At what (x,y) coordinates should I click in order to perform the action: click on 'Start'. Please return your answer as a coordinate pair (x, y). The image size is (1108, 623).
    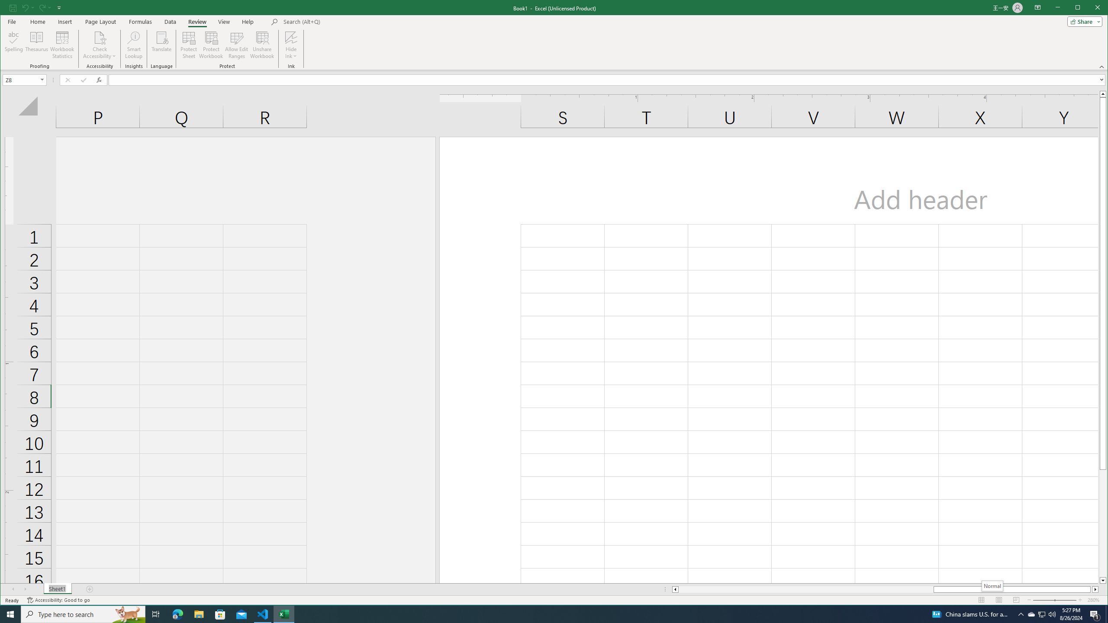
    Looking at the image, I should click on (10, 613).